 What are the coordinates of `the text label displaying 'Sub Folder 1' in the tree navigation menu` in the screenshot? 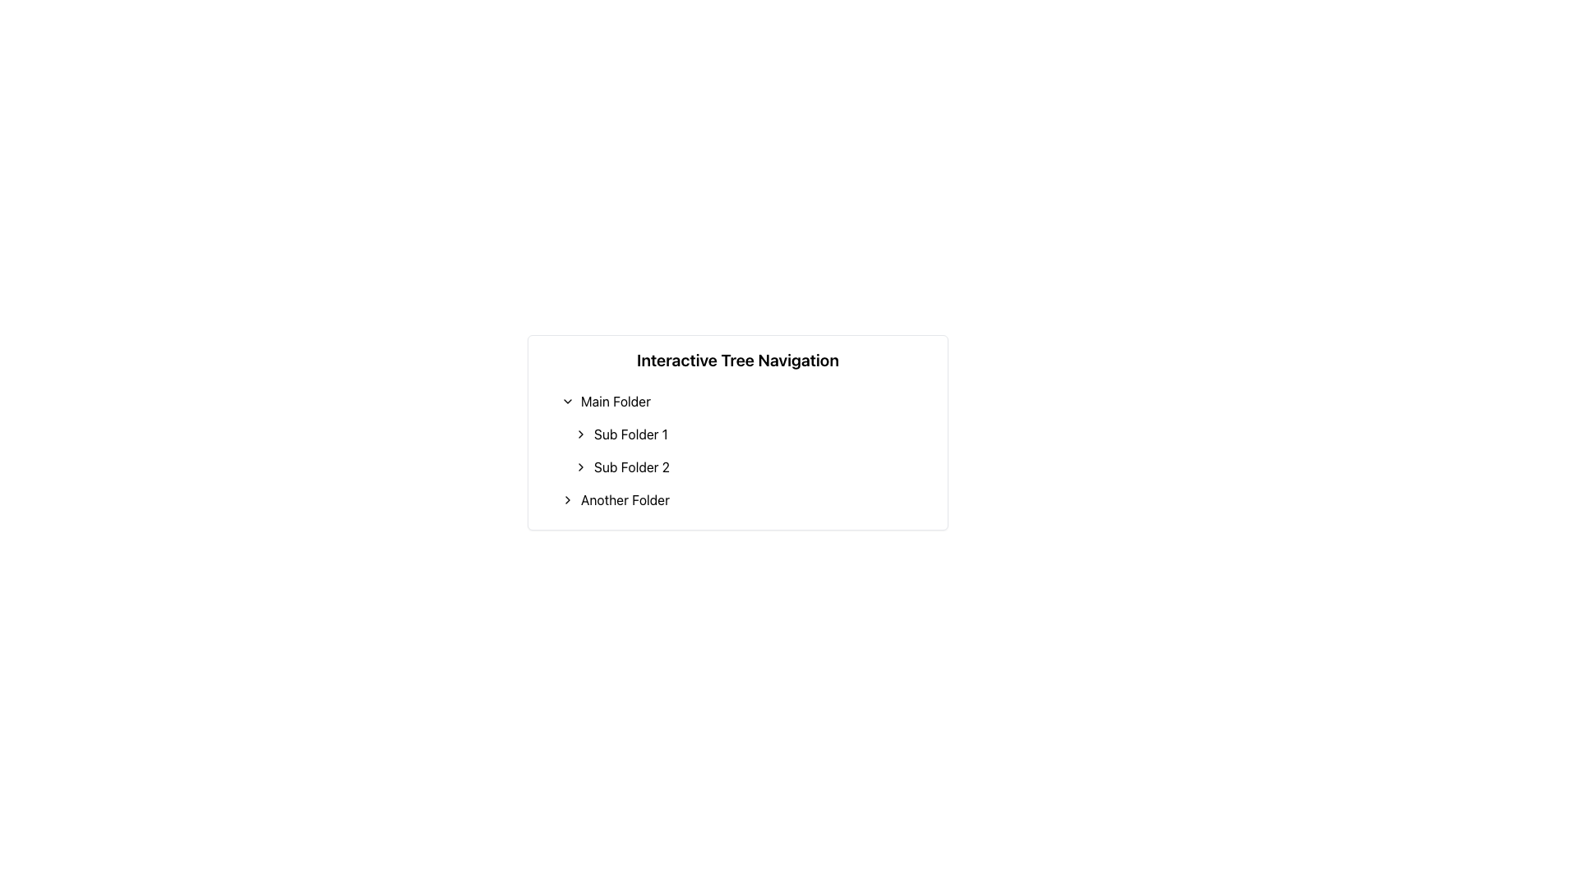 It's located at (630, 433).